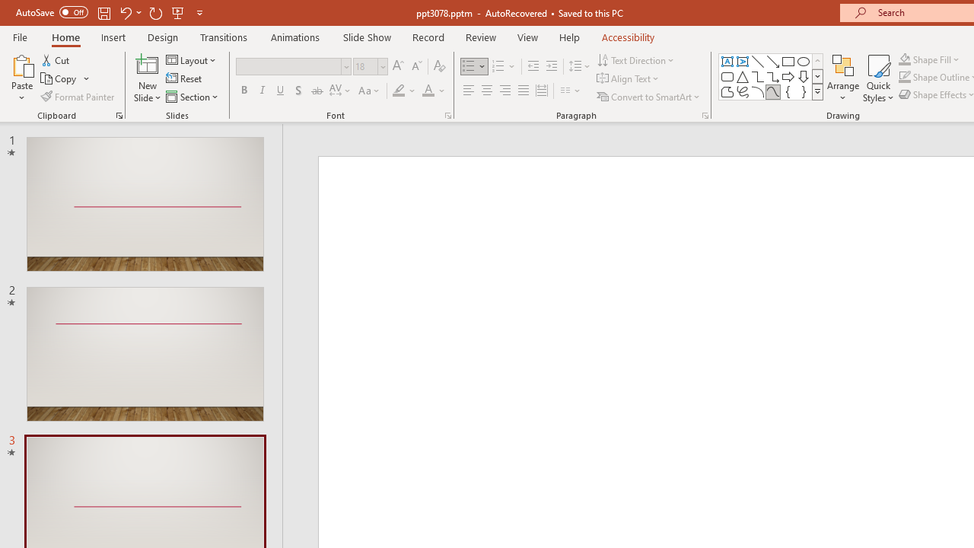 This screenshot has width=974, height=548. What do you see at coordinates (816, 60) in the screenshot?
I see `'Row up'` at bounding box center [816, 60].